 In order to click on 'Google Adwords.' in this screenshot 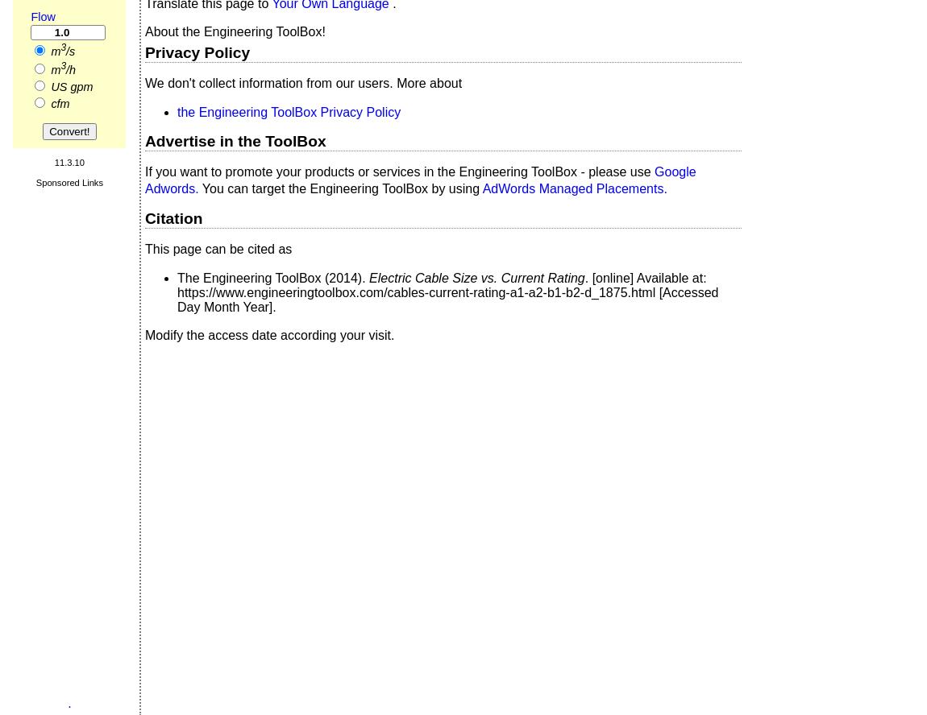, I will do `click(420, 180)`.